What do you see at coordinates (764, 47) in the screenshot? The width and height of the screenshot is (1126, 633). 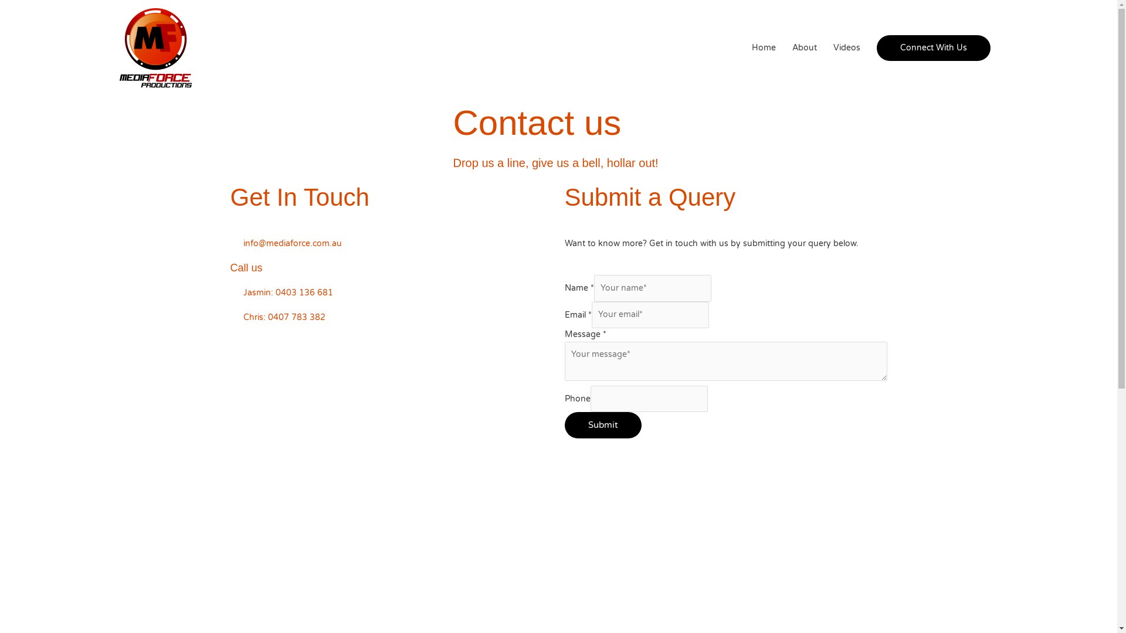 I see `'Home'` at bounding box center [764, 47].